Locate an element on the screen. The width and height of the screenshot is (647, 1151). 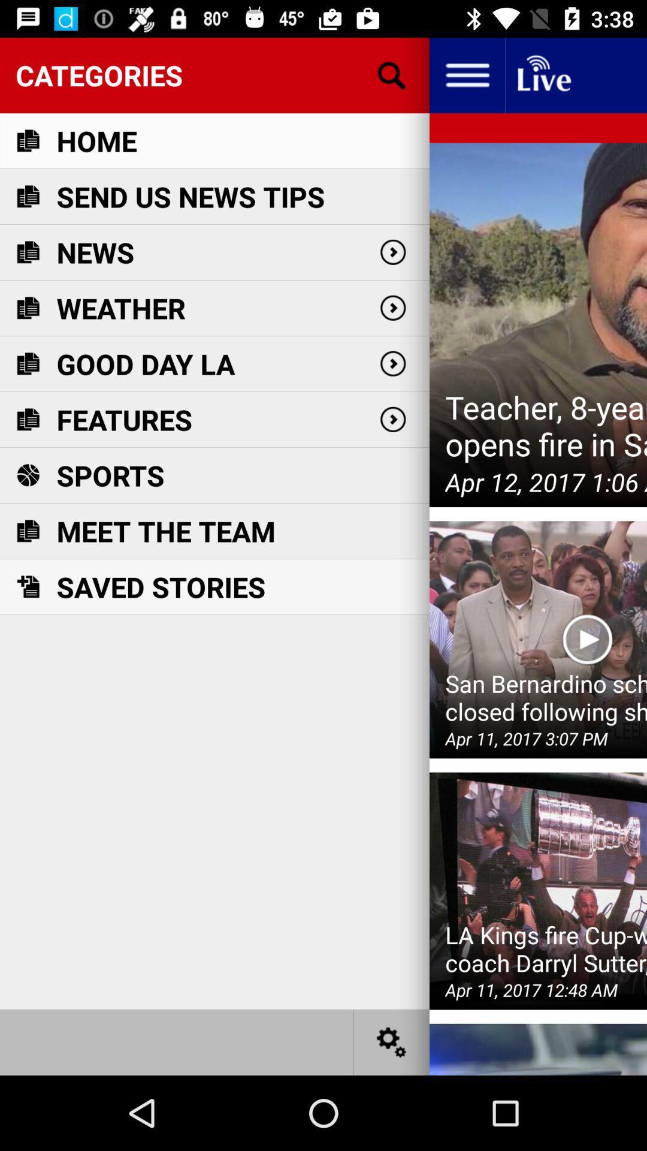
icon below features is located at coordinates (110, 475).